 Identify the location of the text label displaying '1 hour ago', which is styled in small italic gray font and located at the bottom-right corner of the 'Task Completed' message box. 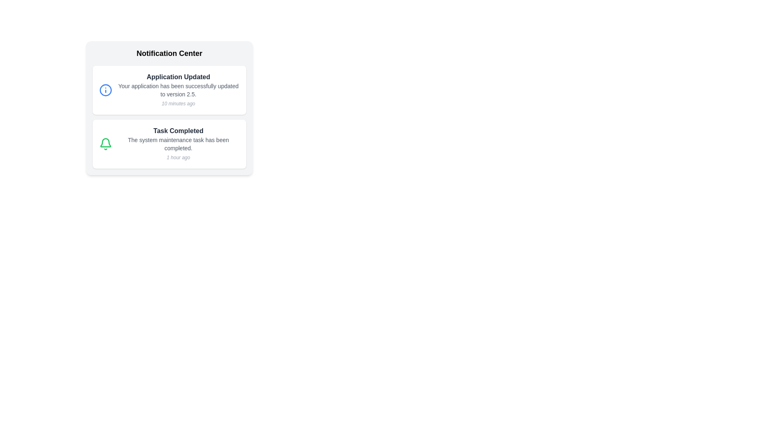
(178, 157).